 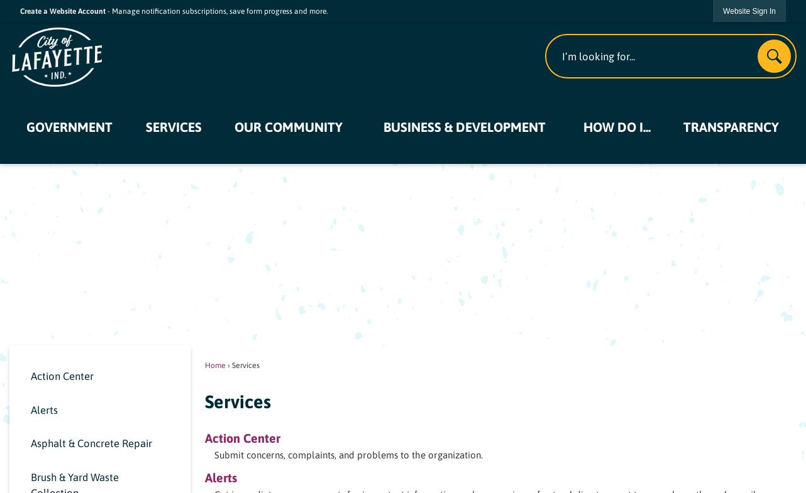 What do you see at coordinates (731, 126) in the screenshot?
I see `'Transparency'` at bounding box center [731, 126].